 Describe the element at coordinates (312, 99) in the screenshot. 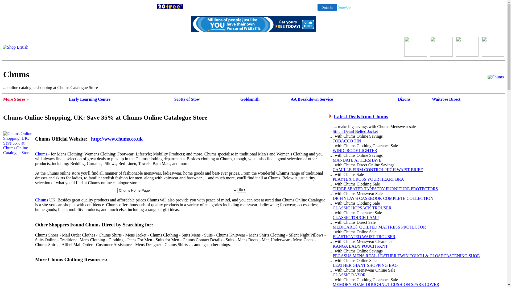

I see `'AA Breakdown Service'` at that location.